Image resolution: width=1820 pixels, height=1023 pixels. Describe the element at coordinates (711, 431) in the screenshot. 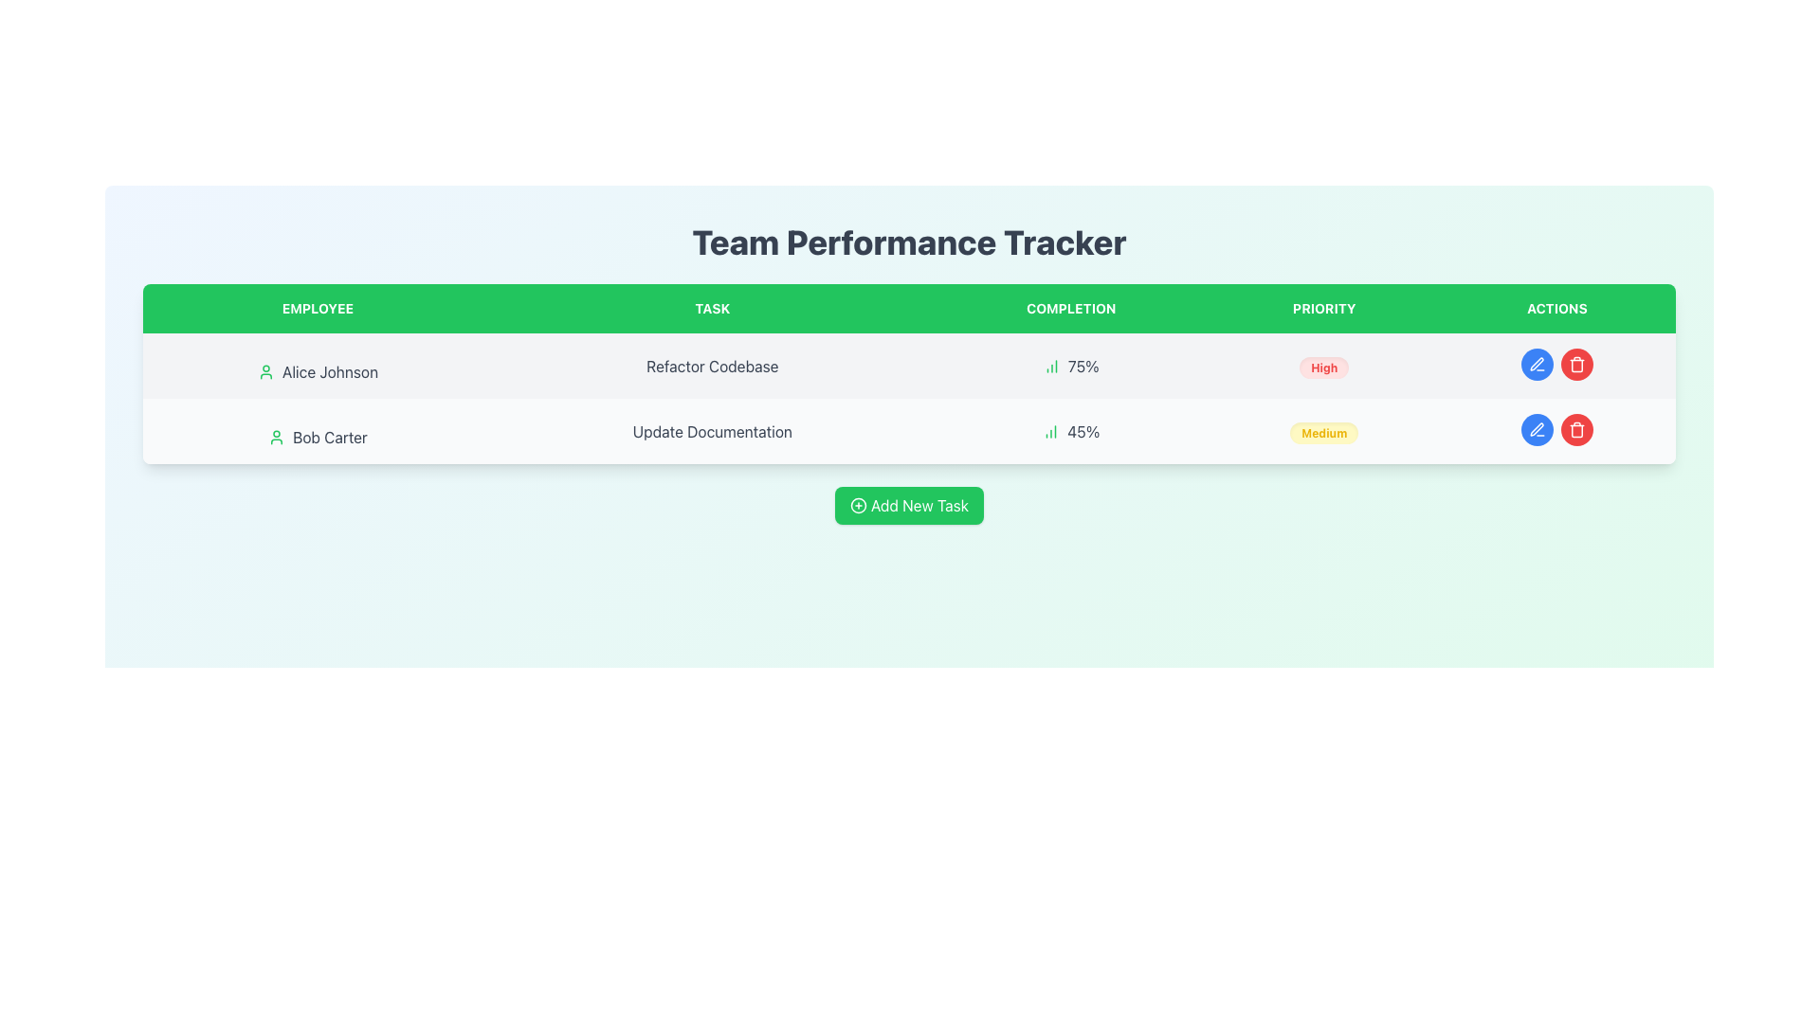

I see `the text label displaying 'Update Documentation' in the second row of the table under the 'TASK' column` at that location.